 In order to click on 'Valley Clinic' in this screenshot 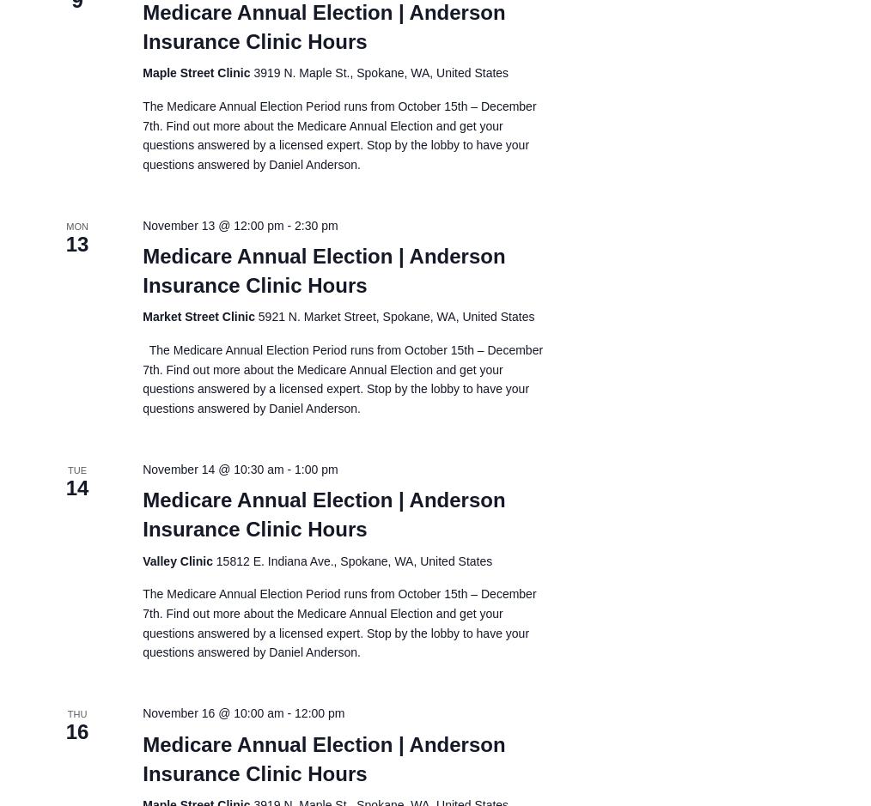, I will do `click(178, 560)`.